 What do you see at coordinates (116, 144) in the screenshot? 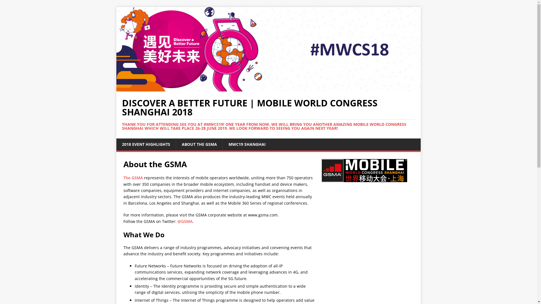
I see `'2018 EVENT HIGHLIGHTS'` at bounding box center [116, 144].